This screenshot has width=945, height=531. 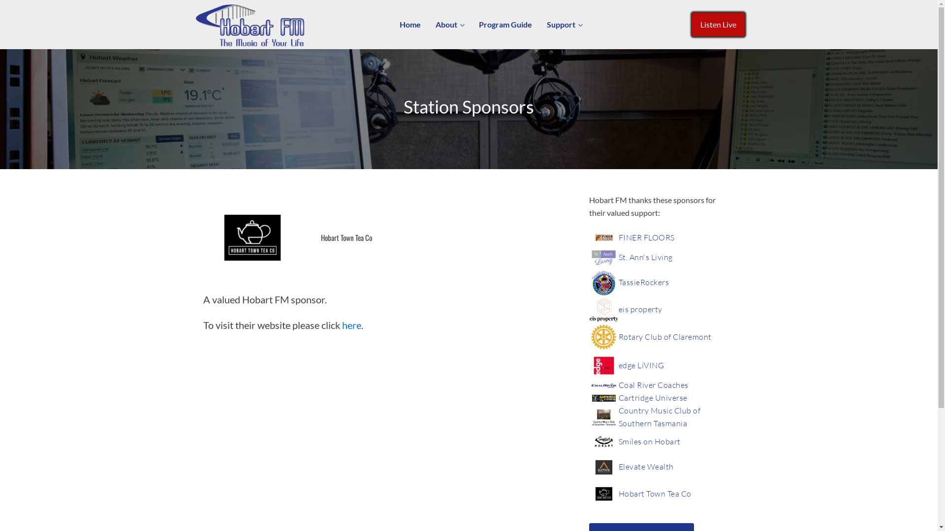 What do you see at coordinates (645, 466) in the screenshot?
I see `'Elevate Wealth'` at bounding box center [645, 466].